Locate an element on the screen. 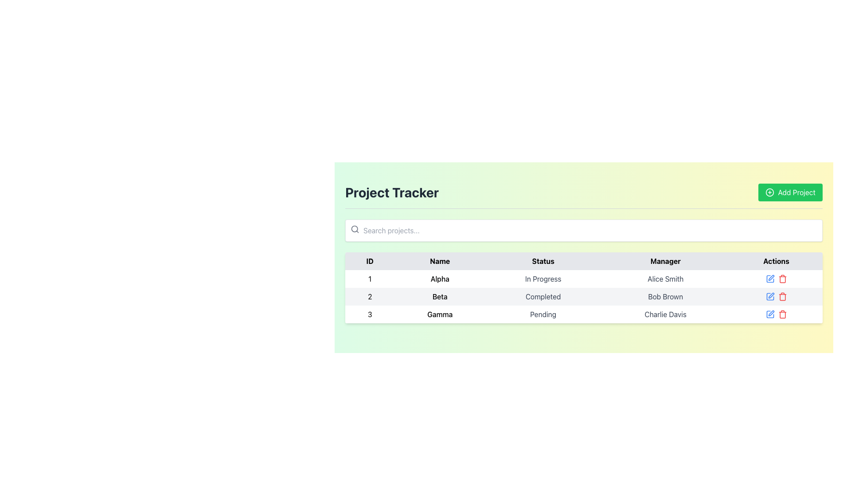 The image size is (851, 479). the curved rectangular outline of the trash can icon located in the 'Actions' column for 'Charlie Davis' is located at coordinates (782, 314).